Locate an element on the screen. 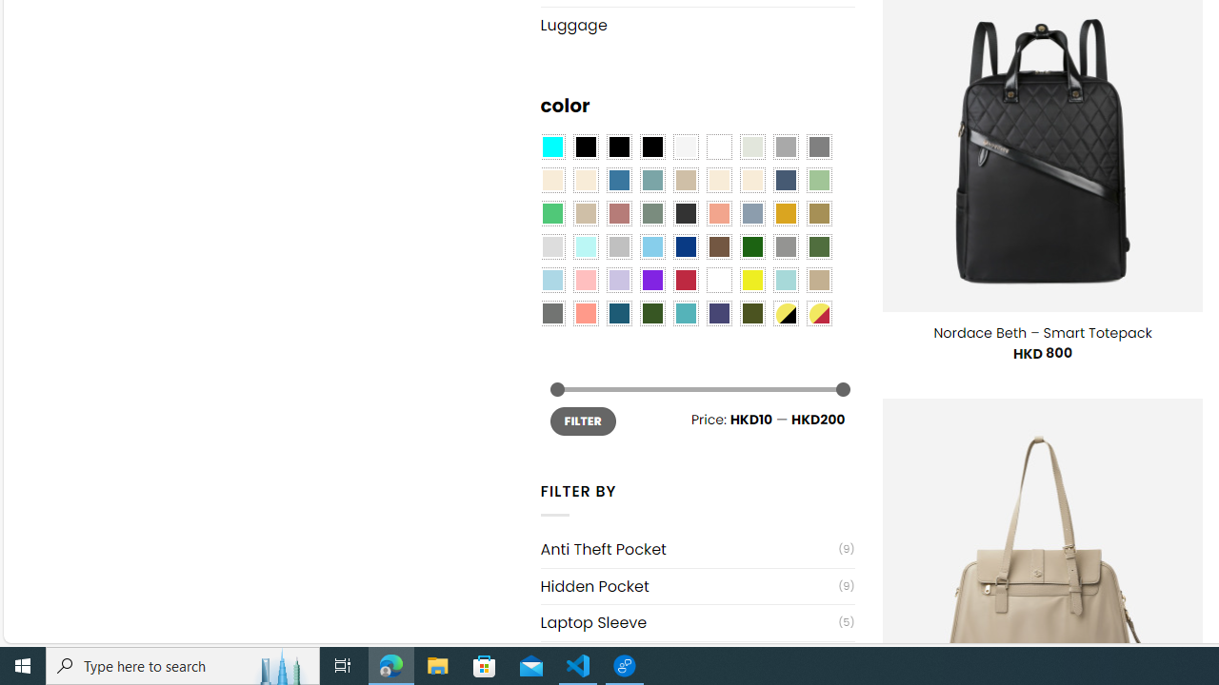  'All Gray' is located at coordinates (819, 146).